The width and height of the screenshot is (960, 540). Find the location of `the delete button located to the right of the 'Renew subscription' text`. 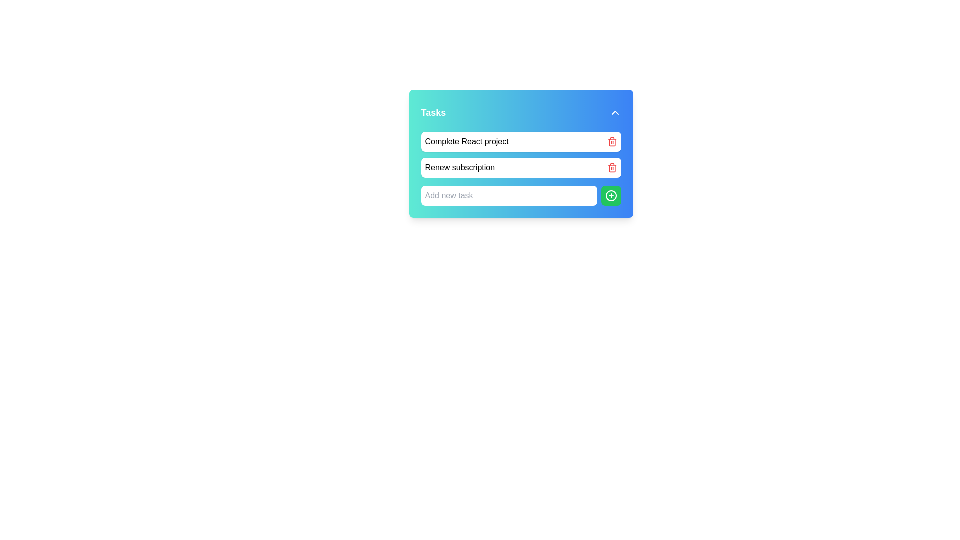

the delete button located to the right of the 'Renew subscription' text is located at coordinates (611, 167).